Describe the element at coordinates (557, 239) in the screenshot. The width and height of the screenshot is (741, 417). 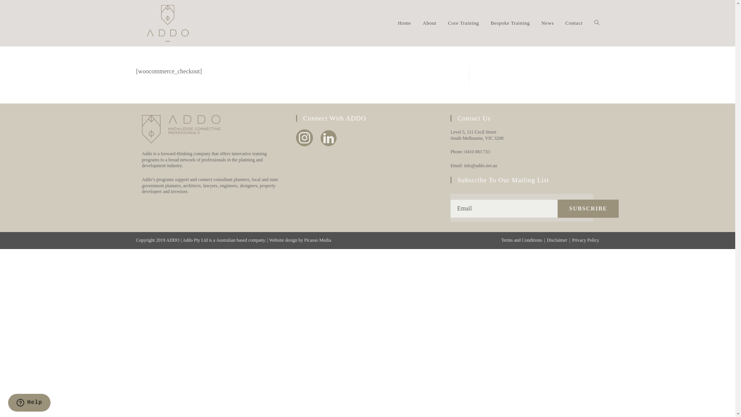
I see `'Disclaimer'` at that location.